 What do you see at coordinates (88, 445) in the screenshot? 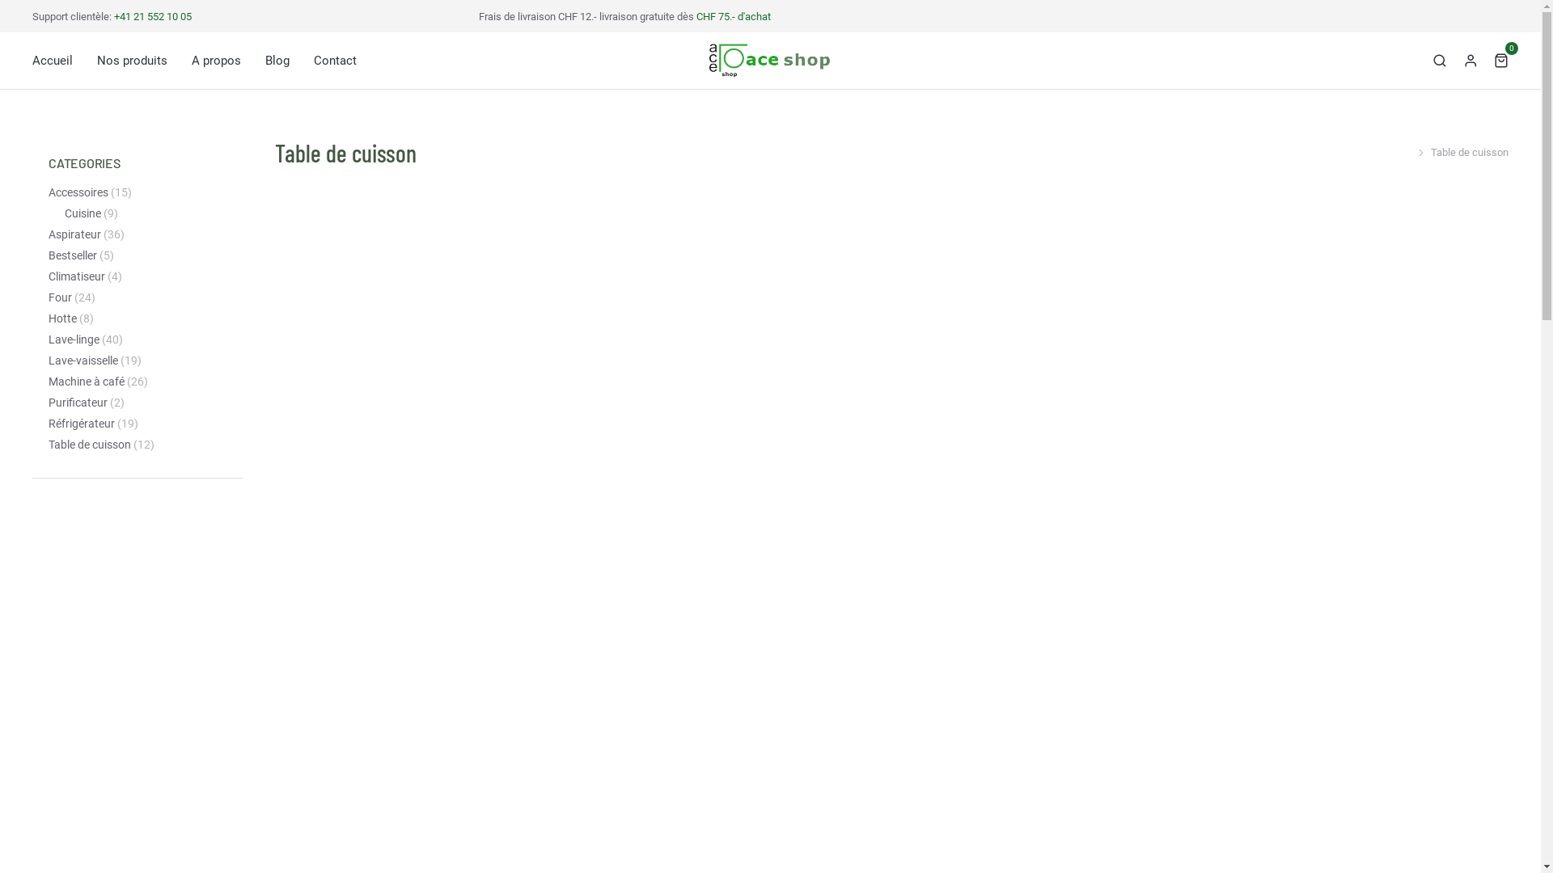
I see `'Table de cuisson'` at bounding box center [88, 445].